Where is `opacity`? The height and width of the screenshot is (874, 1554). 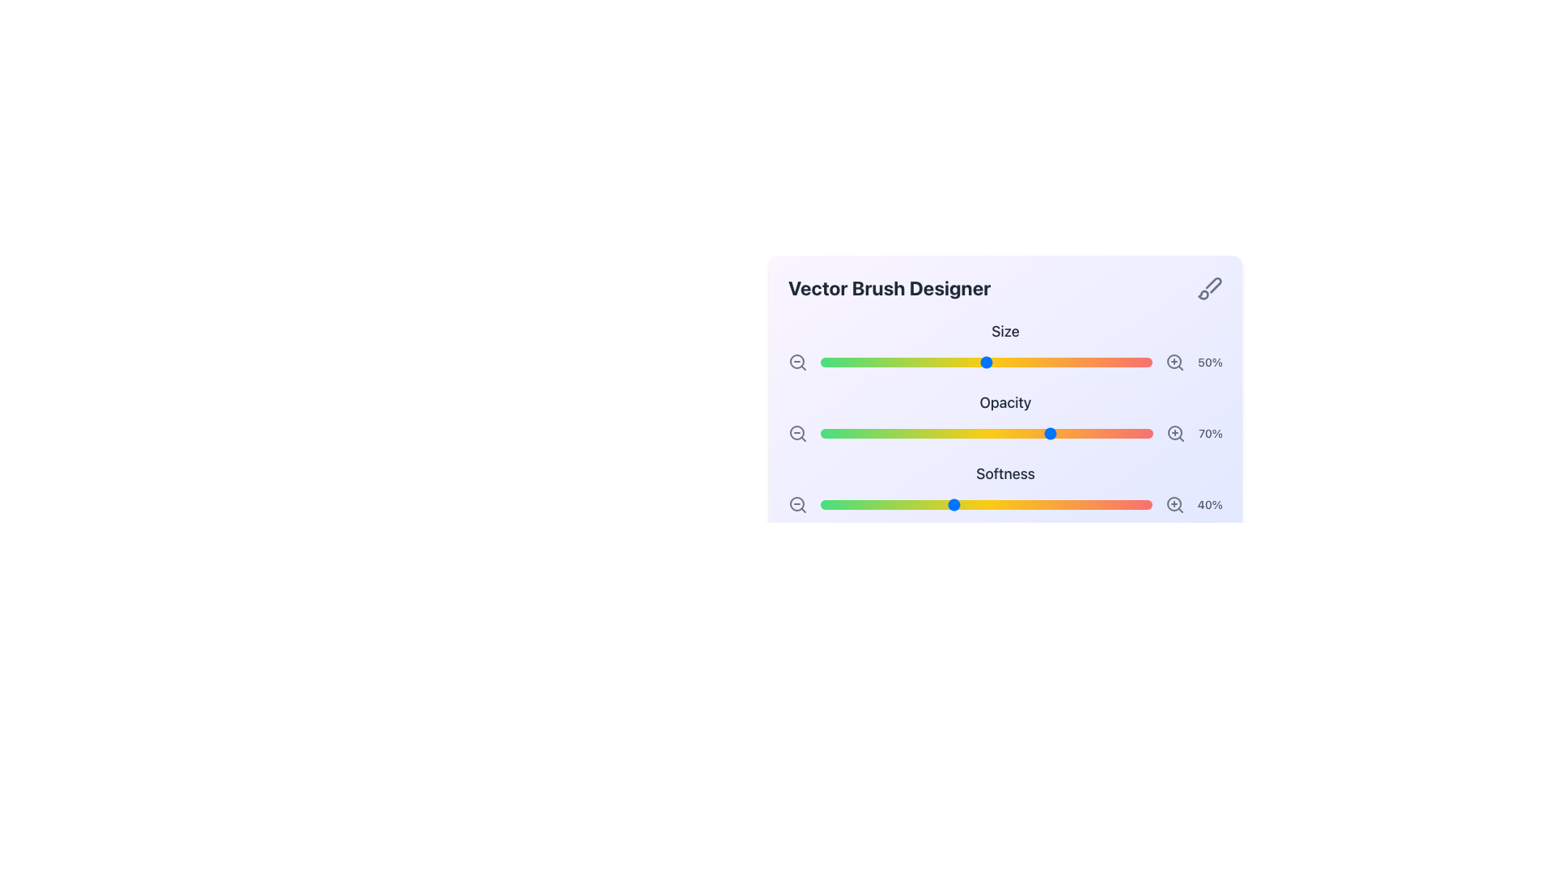
opacity is located at coordinates (883, 433).